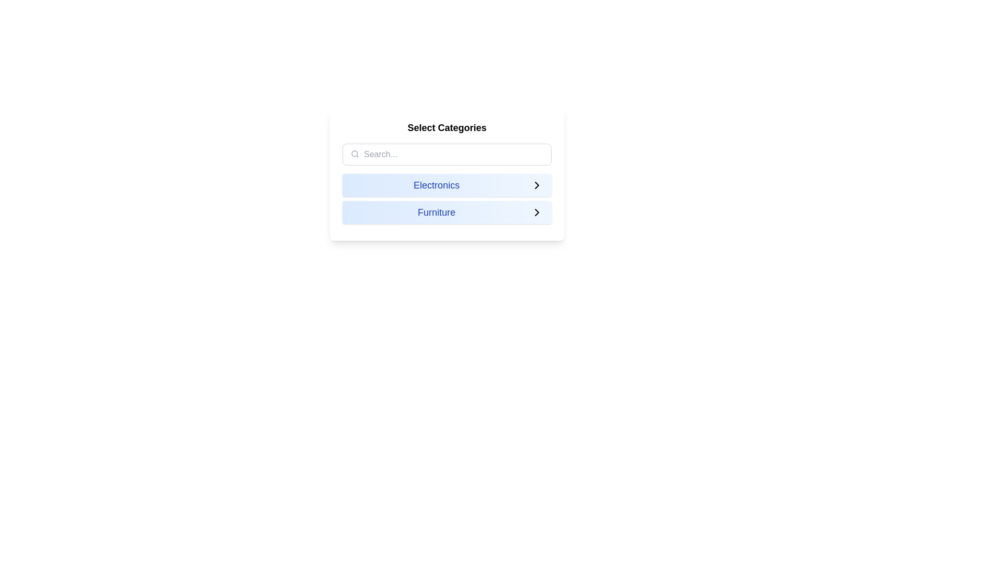 This screenshot has height=564, width=1004. I want to click on the 'Furniture' category list item, which is the second item in a vertical list of categories, to navigate to furniture-related content, so click(447, 212).